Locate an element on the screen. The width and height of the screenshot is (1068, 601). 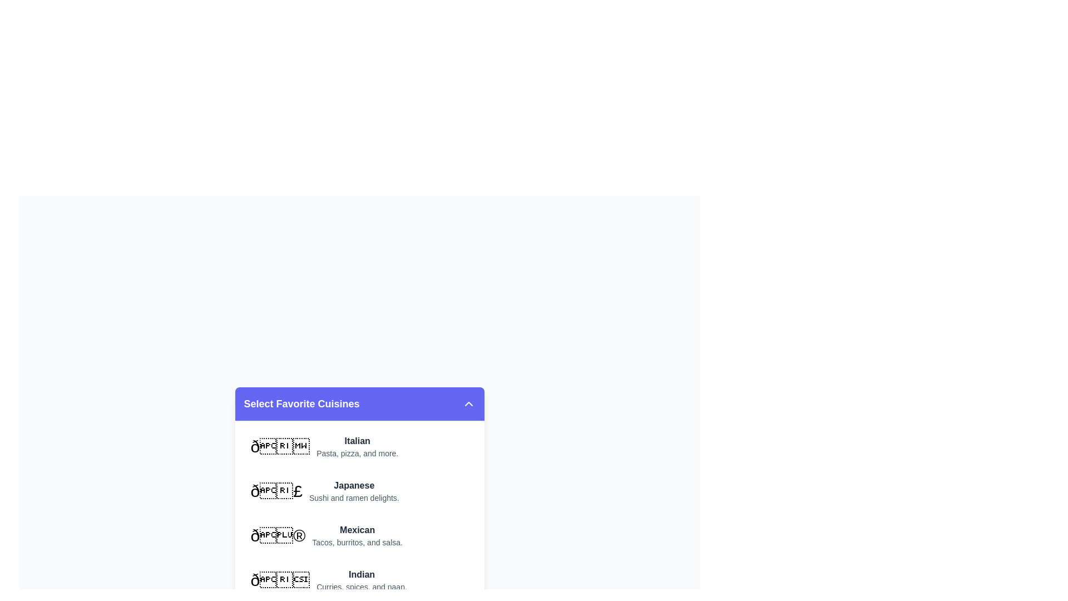
to select the 'Mexican' cuisine option, which is the third item in the list, featuring a bold label and a description about tacos, burritos, and salsa is located at coordinates (359, 535).